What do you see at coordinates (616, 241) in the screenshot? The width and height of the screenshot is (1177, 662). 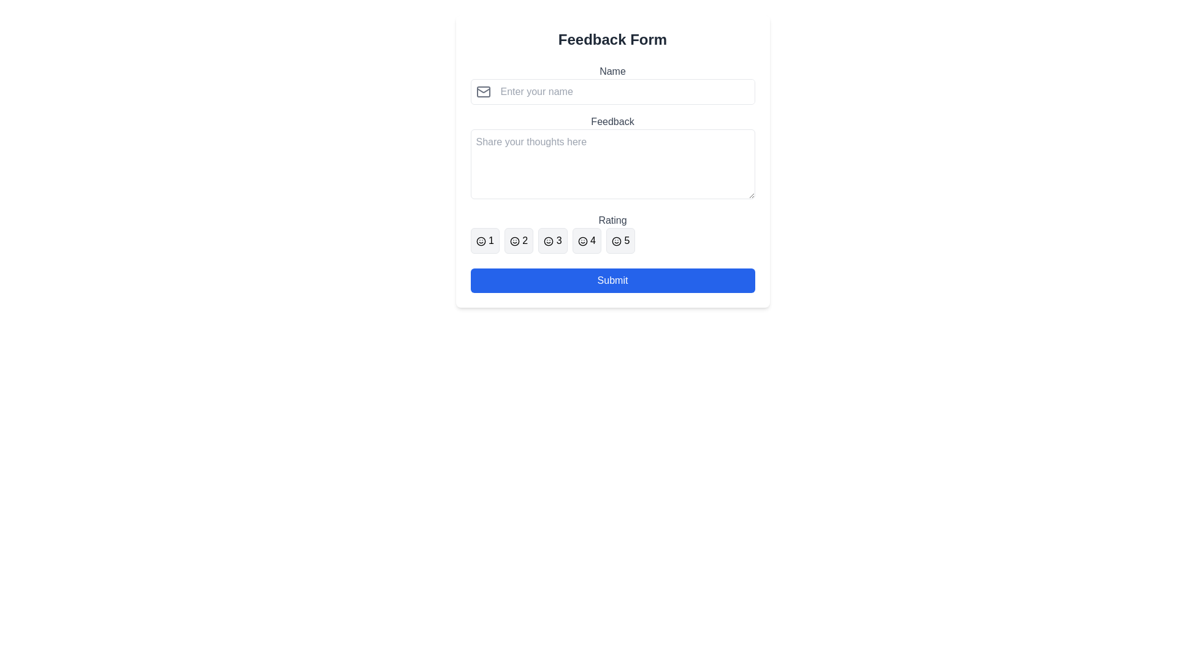 I see `the small circular smiley face icon that represents a rating of 5, located in the fifth position among the rating icons` at bounding box center [616, 241].